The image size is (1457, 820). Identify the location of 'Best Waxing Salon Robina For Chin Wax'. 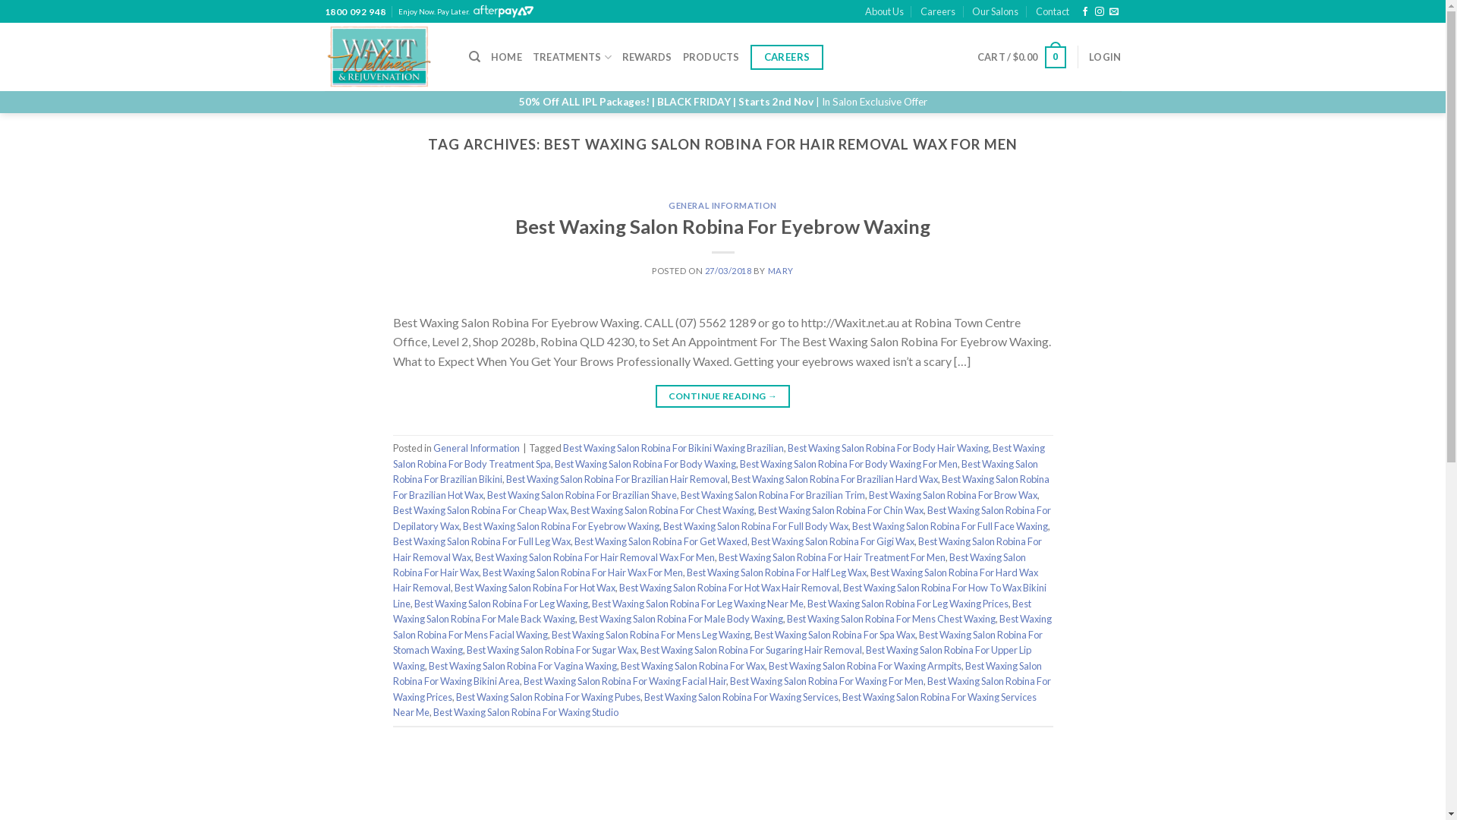
(839, 509).